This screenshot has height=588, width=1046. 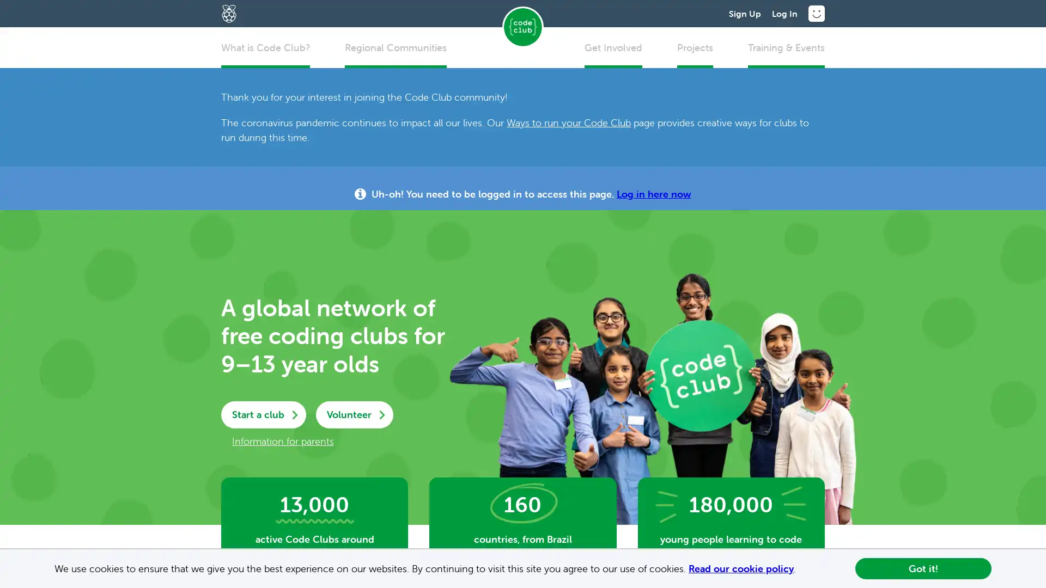 What do you see at coordinates (800, 569) in the screenshot?
I see `learn more about cookies` at bounding box center [800, 569].